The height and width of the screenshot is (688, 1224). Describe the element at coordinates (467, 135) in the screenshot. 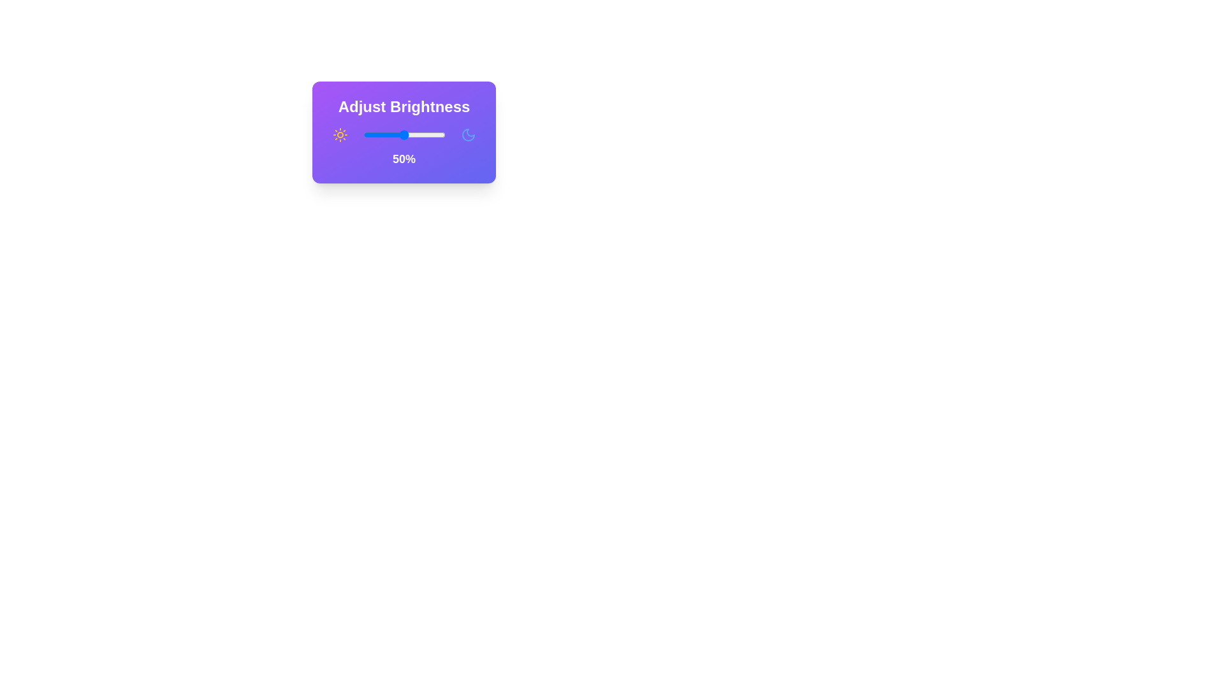

I see `the moon icon to explore its functionality` at that location.